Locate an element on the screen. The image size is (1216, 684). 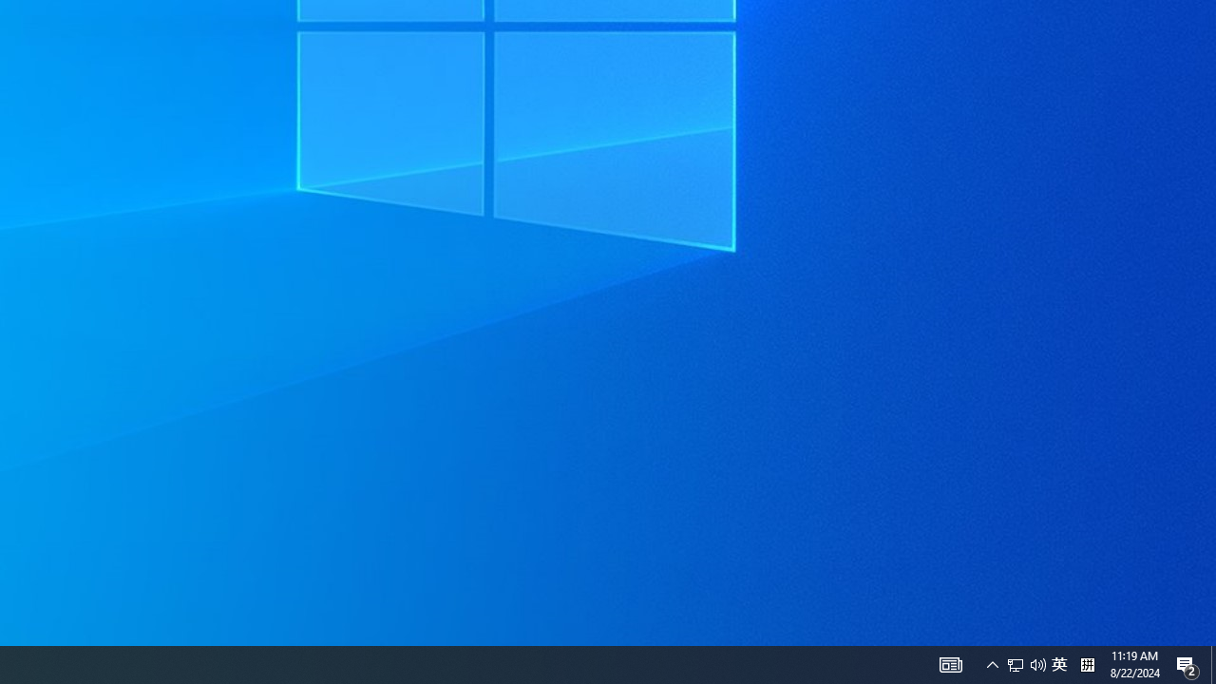
'AutomationID: 4105' is located at coordinates (950, 663).